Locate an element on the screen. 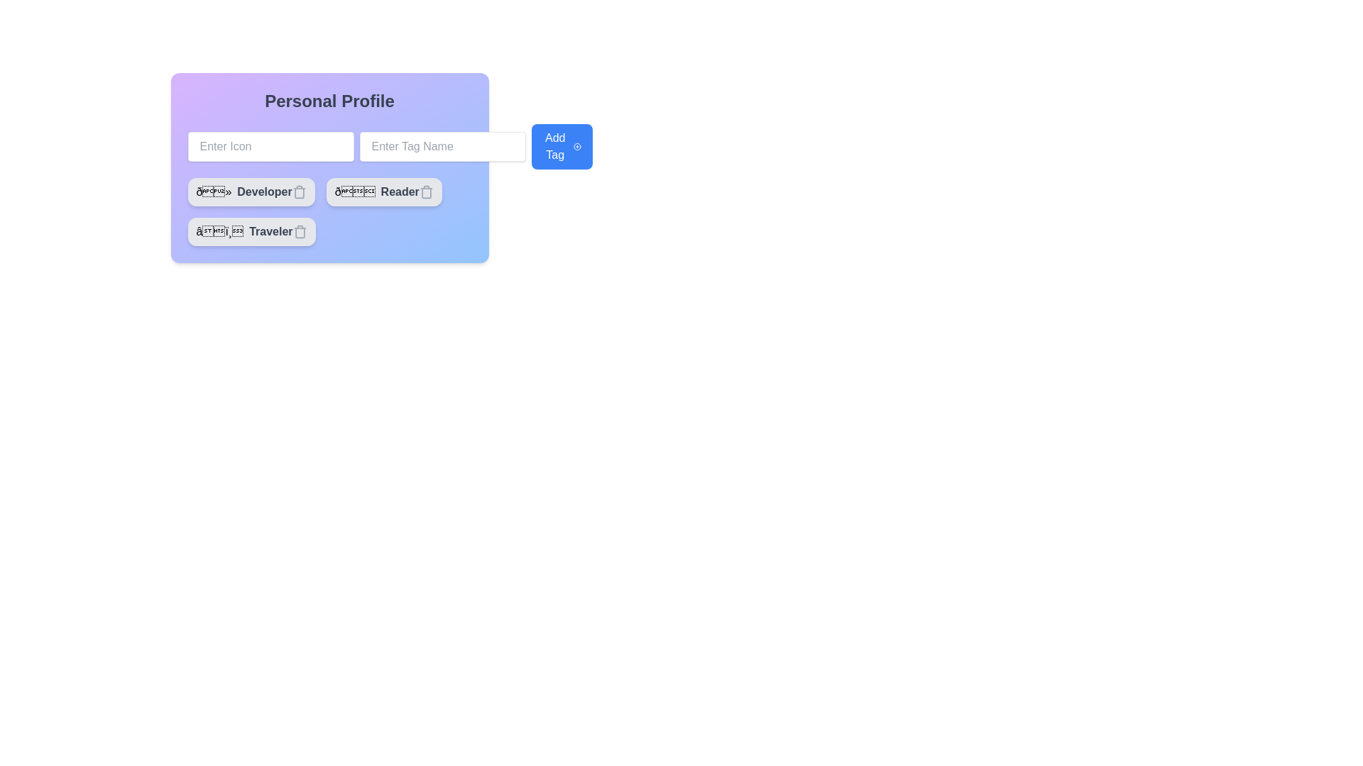 This screenshot has height=766, width=1363. the text label displaying 'Reader' which is styled in gray, bold font, located in the second row of a vertically aligned list within the 'Personal Profile' form is located at coordinates (399, 191).